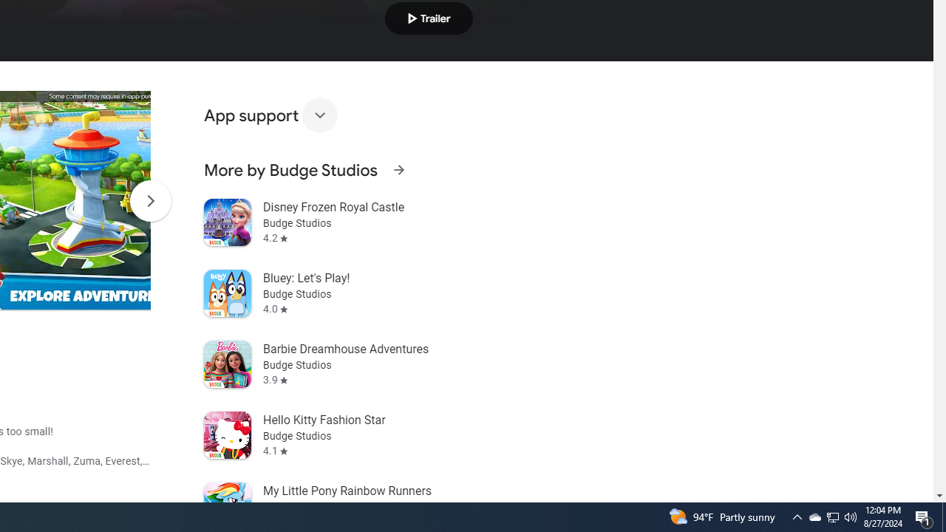  Describe the element at coordinates (398, 169) in the screenshot. I see `'See more information on More by Budge Studios'` at that location.